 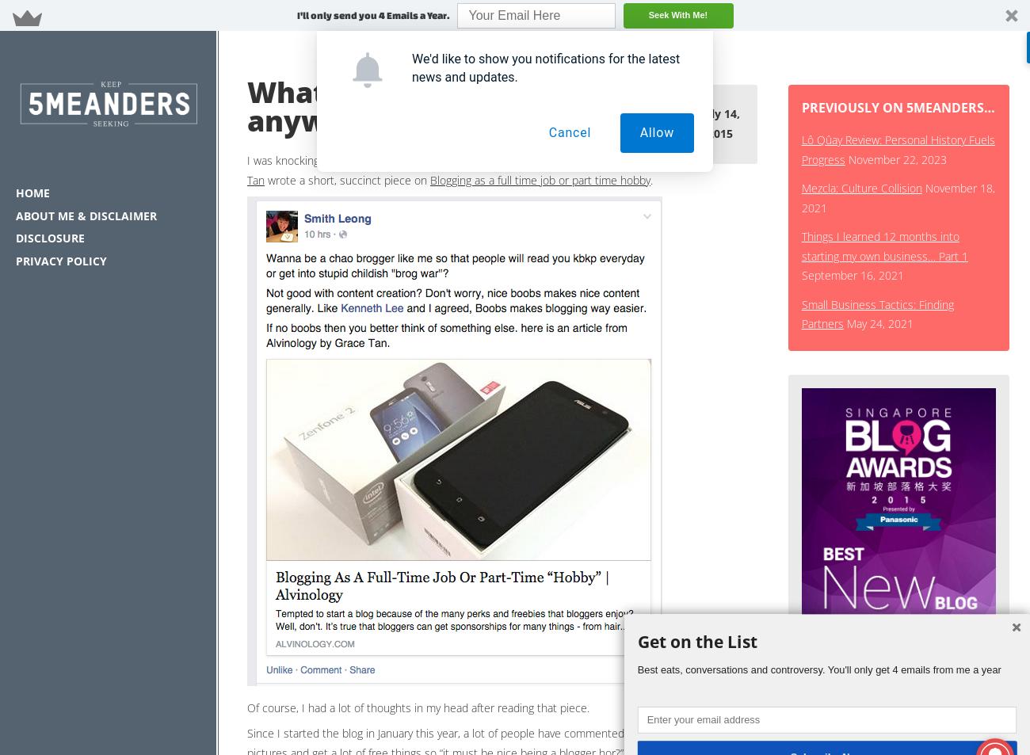 What do you see at coordinates (247, 707) in the screenshot?
I see `'Of course, I had a lot of thoughts in my head after reading that piece.'` at bounding box center [247, 707].